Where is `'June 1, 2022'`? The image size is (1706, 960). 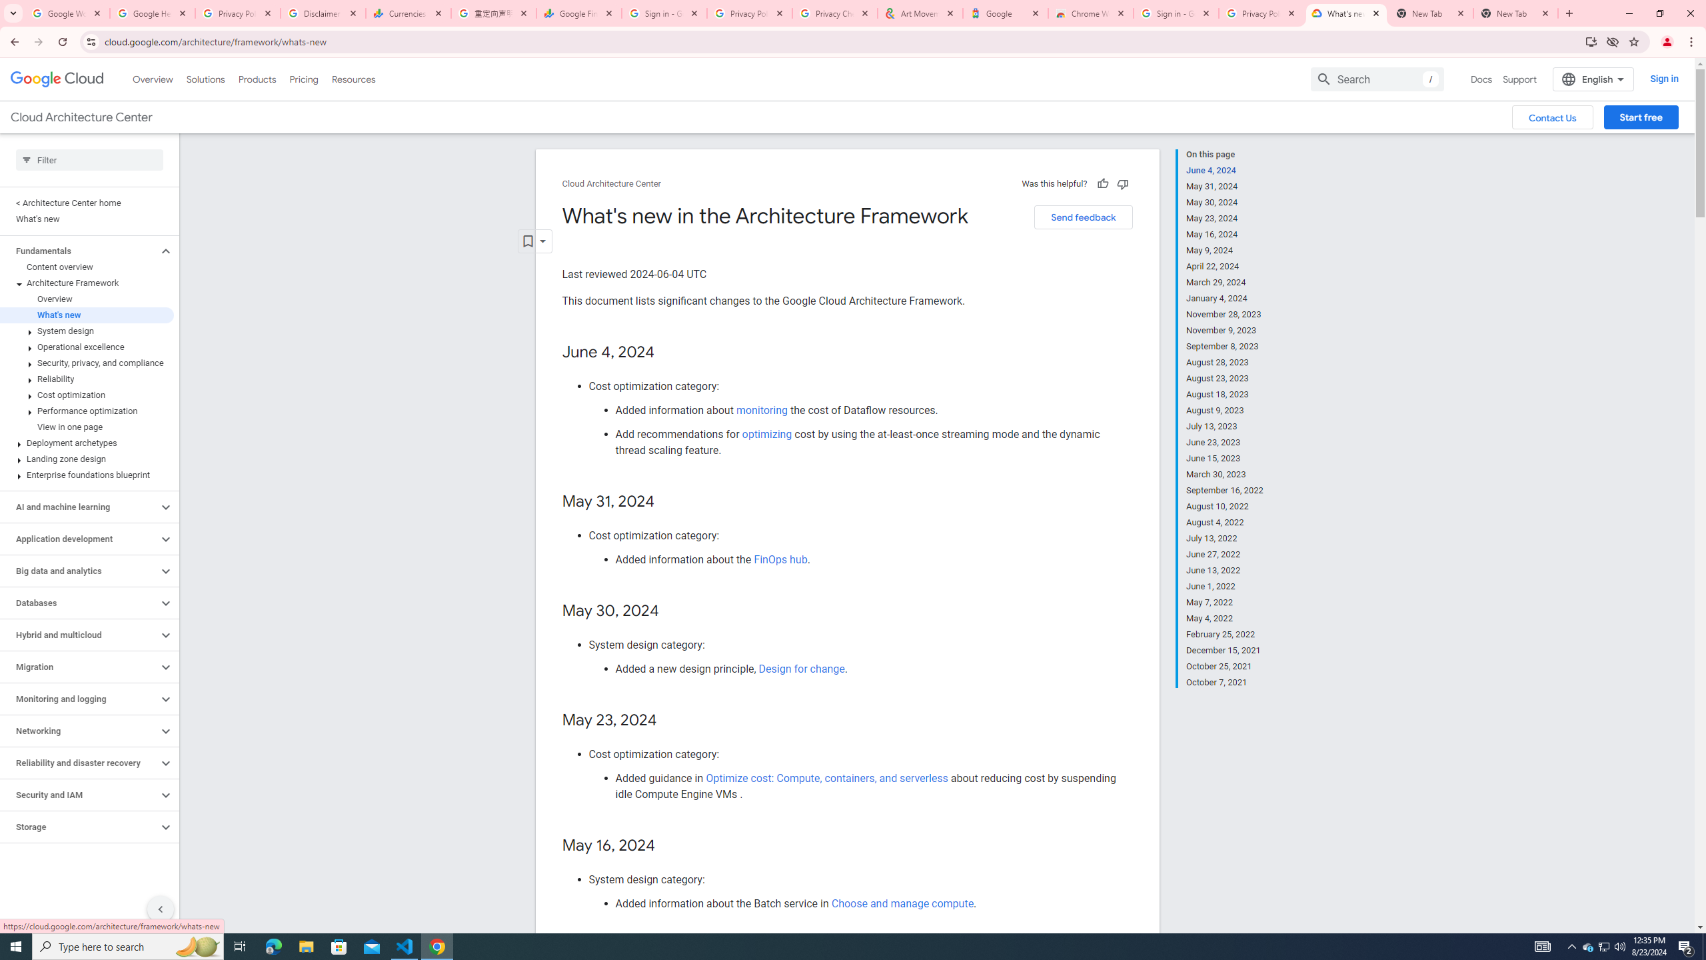
'June 1, 2022' is located at coordinates (1225, 585).